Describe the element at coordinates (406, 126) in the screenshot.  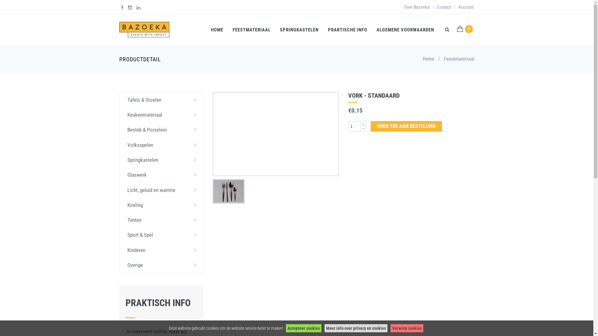
I see `'Voeg toe aan bestelling'` at that location.